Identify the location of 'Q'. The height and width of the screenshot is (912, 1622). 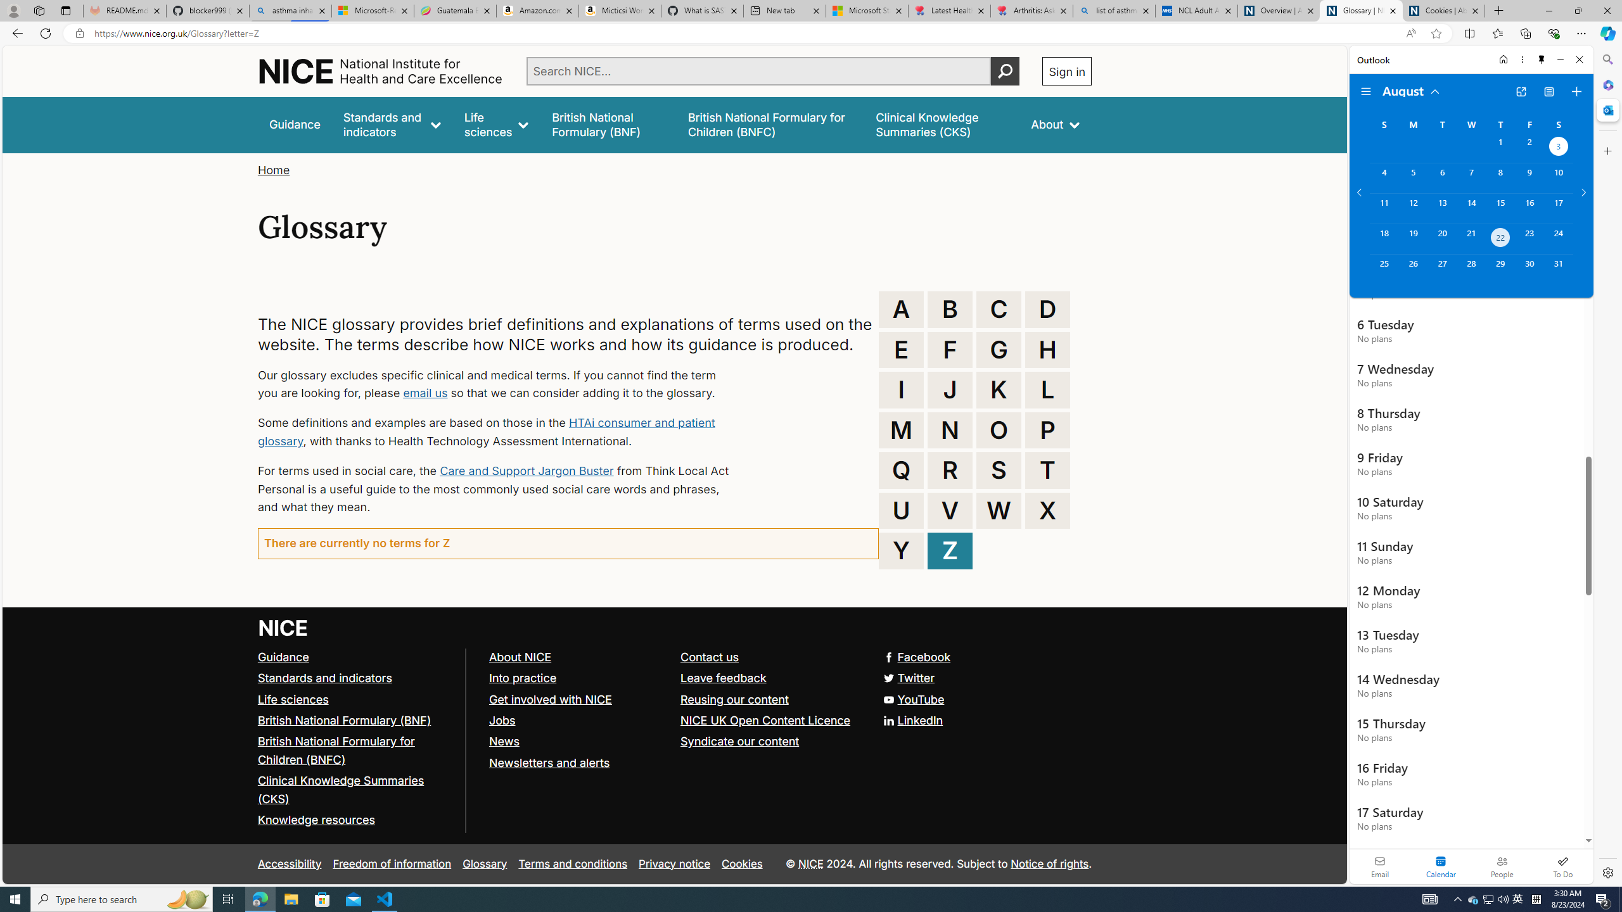
(901, 470).